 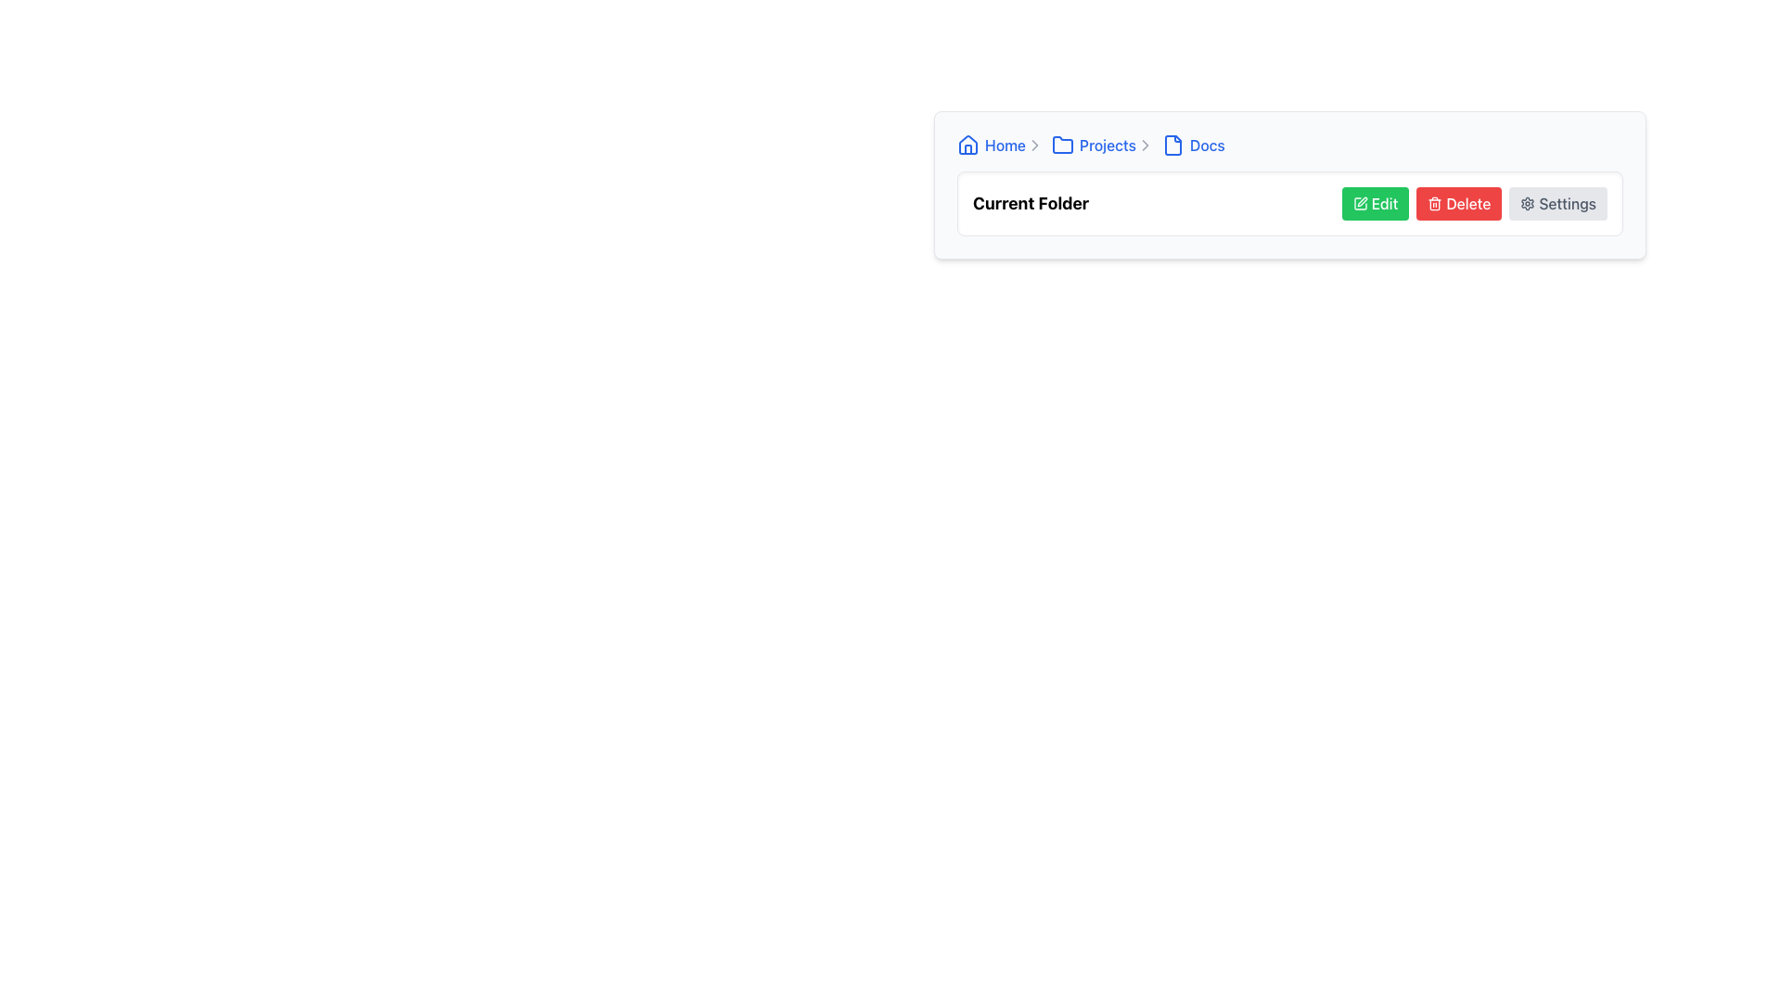 I want to click on the small house icon with a blue outline located at the left end of the breadcrumb navigation bar, representing the 'Home' link, so click(x=967, y=145).